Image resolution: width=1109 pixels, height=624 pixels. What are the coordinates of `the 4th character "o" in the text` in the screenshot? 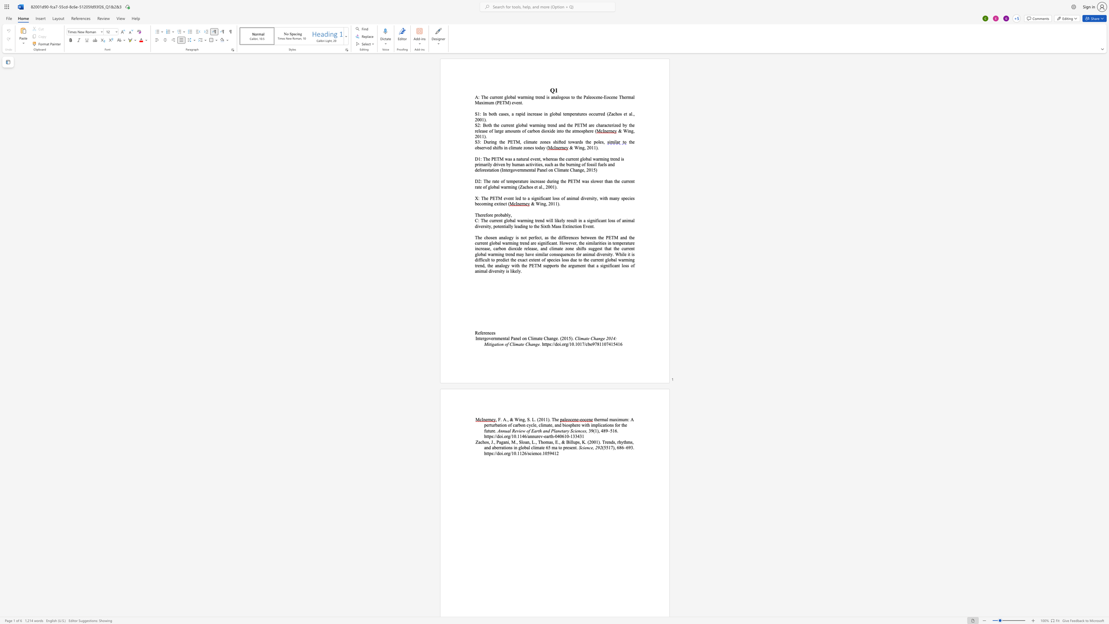 It's located at (493, 243).